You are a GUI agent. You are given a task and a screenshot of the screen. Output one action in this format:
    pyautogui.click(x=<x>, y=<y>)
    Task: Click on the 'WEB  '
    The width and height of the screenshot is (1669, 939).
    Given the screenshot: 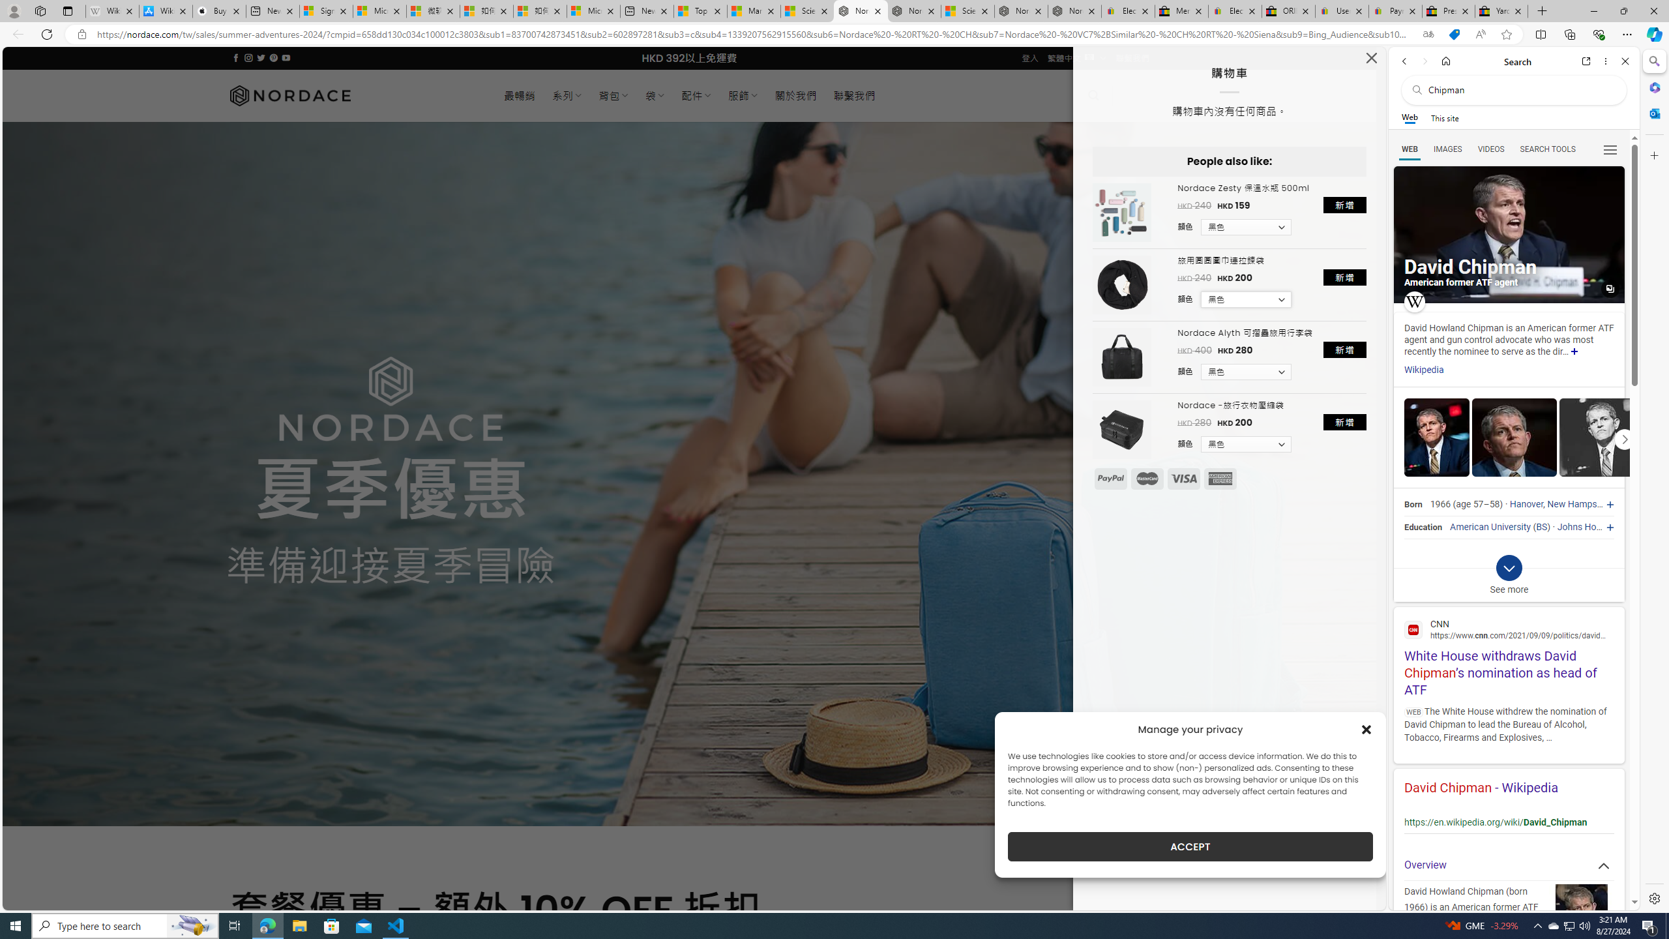 What is the action you would take?
    pyautogui.click(x=1410, y=149)
    